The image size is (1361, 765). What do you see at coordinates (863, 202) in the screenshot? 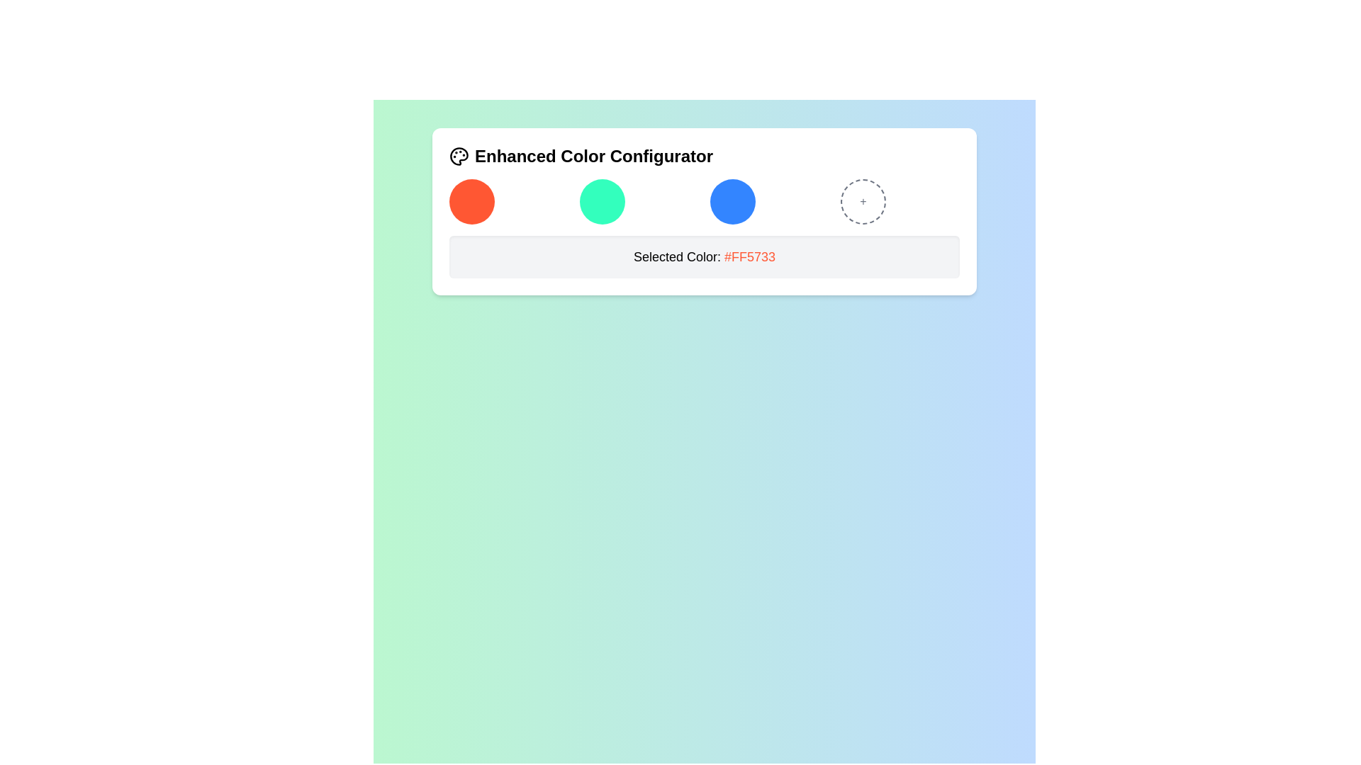
I see `the circular button with a dashed border and a plus symbol, located at the end of the horizontal group of color-selecting buttons` at bounding box center [863, 202].